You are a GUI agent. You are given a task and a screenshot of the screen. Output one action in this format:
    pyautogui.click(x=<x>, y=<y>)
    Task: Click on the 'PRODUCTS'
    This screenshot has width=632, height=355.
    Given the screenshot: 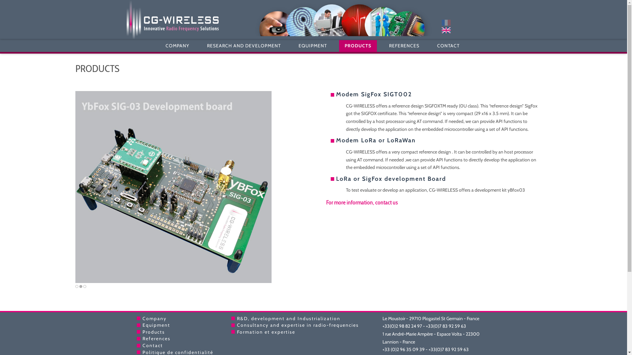 What is the action you would take?
    pyautogui.click(x=339, y=45)
    